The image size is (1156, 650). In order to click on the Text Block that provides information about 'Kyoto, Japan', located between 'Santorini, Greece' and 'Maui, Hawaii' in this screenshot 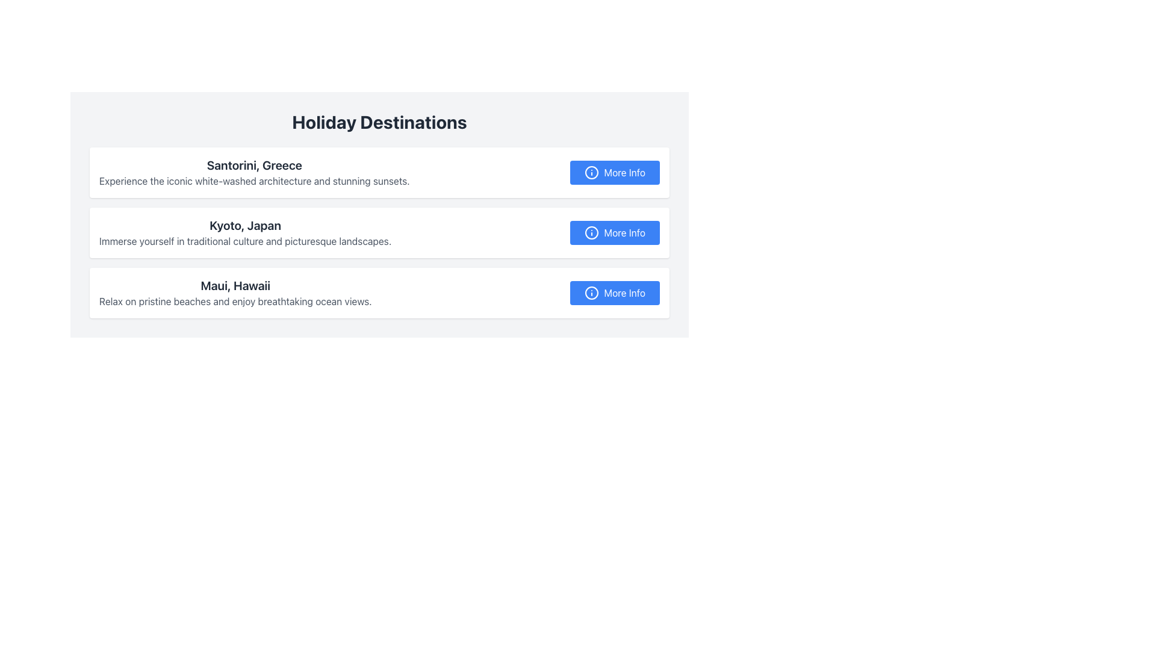, I will do `click(244, 232)`.